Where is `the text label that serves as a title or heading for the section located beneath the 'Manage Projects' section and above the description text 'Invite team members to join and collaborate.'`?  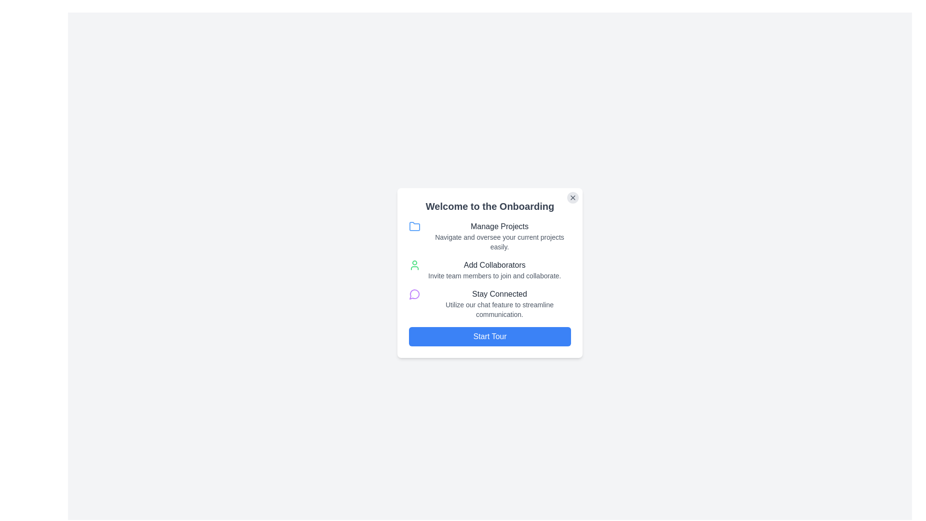
the text label that serves as a title or heading for the section located beneath the 'Manage Projects' section and above the description text 'Invite team members to join and collaborate.' is located at coordinates (494, 265).